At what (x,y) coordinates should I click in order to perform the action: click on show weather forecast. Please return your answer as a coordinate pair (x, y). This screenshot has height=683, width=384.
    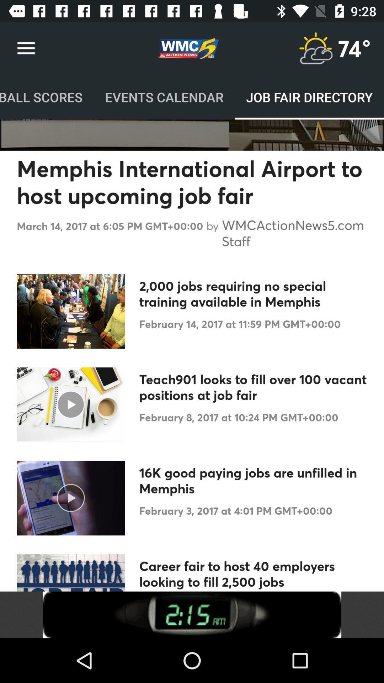
    Looking at the image, I should click on (315, 48).